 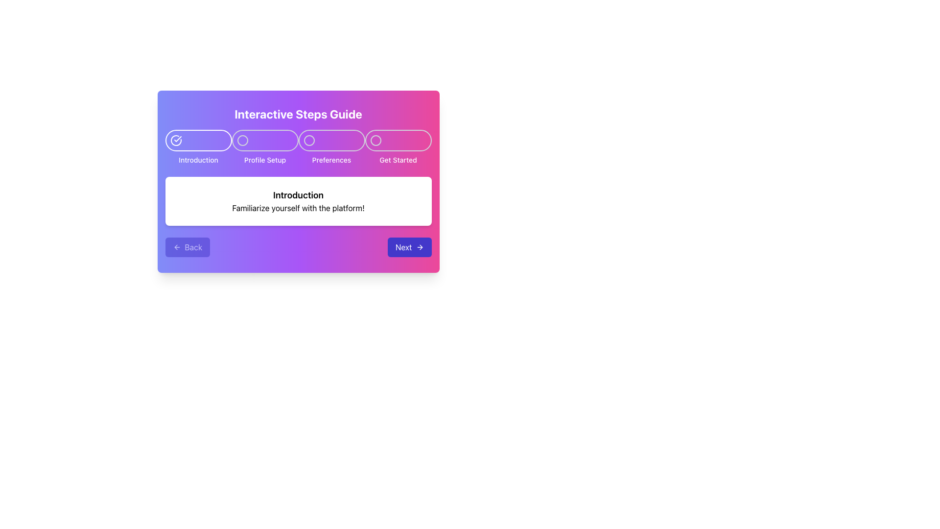 What do you see at coordinates (375, 140) in the screenshot?
I see `the fourth circular Progress Step Indicator labeled 'Get Started'` at bounding box center [375, 140].